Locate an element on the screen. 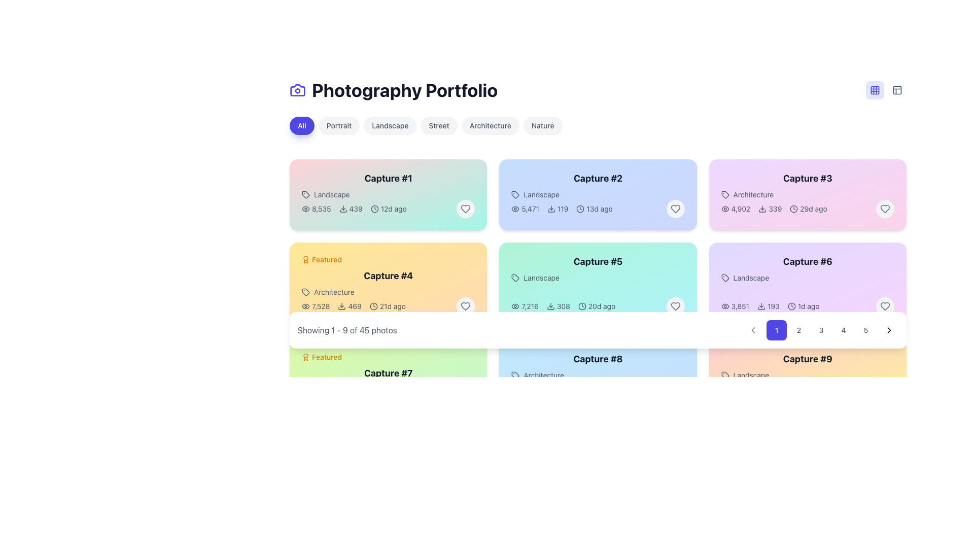 This screenshot has height=548, width=974. the text element indicating the number of views or interactions, which is positioned to the left of the download count icon '469' in the bottom left of the 'Capture #4' yellow card is located at coordinates (315, 306).